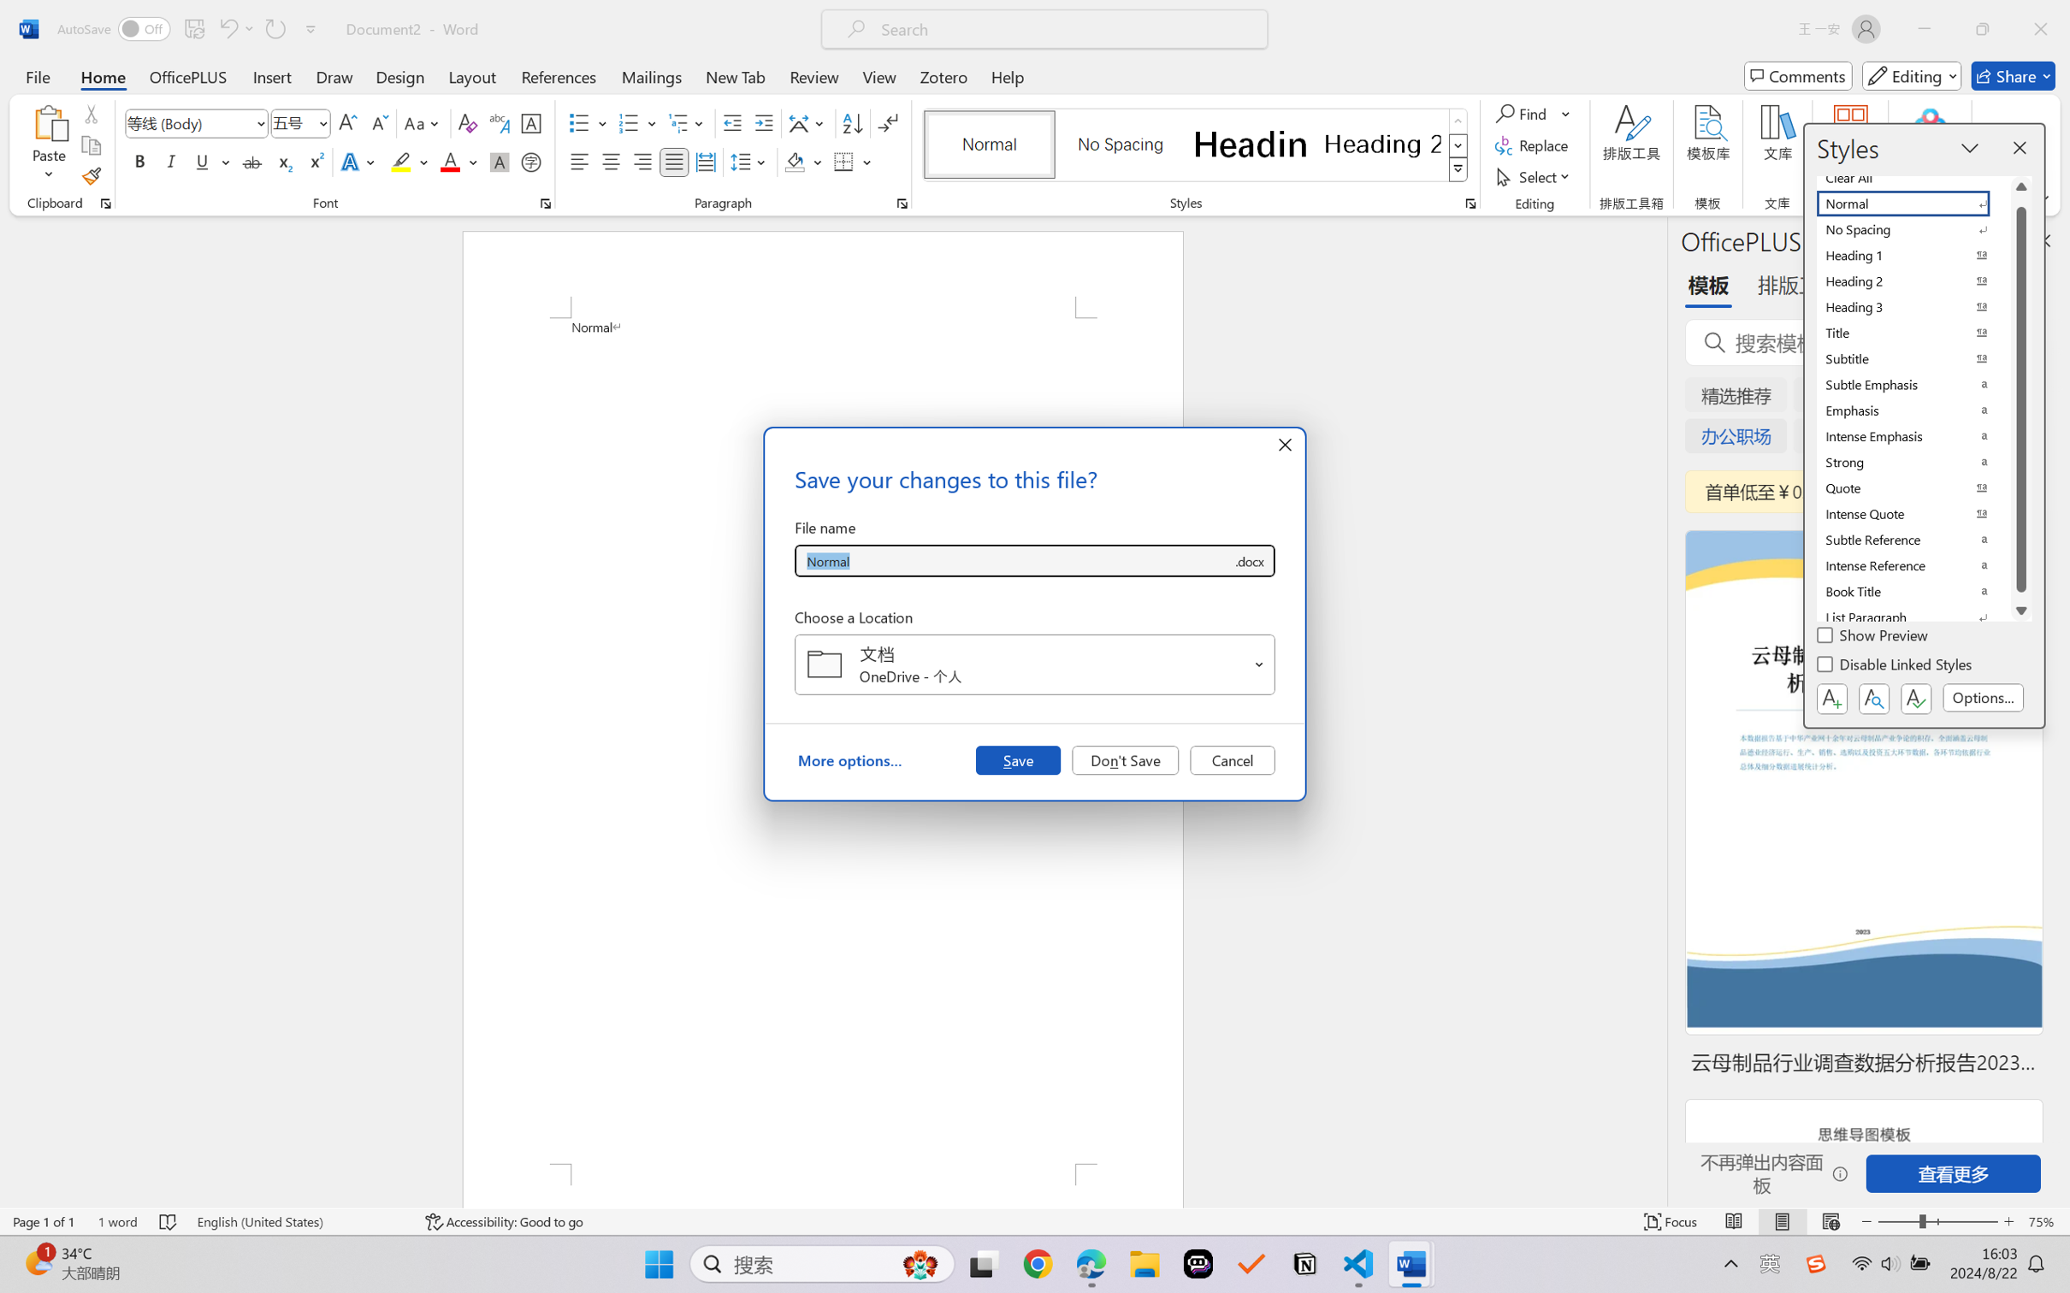 The height and width of the screenshot is (1293, 2070). I want to click on 'Strikethrough', so click(251, 161).